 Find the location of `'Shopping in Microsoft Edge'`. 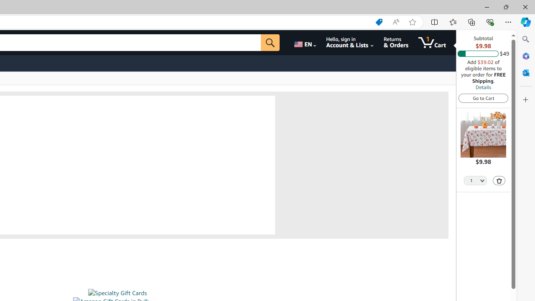

'Shopping in Microsoft Edge' is located at coordinates (378, 22).